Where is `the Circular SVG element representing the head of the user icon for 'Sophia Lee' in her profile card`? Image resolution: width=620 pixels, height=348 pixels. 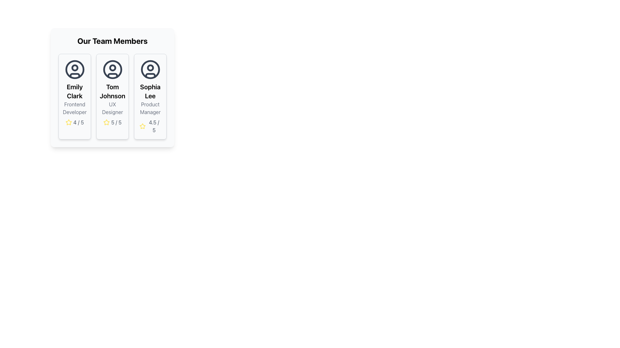 the Circular SVG element representing the head of the user icon for 'Sophia Lee' in her profile card is located at coordinates (150, 68).